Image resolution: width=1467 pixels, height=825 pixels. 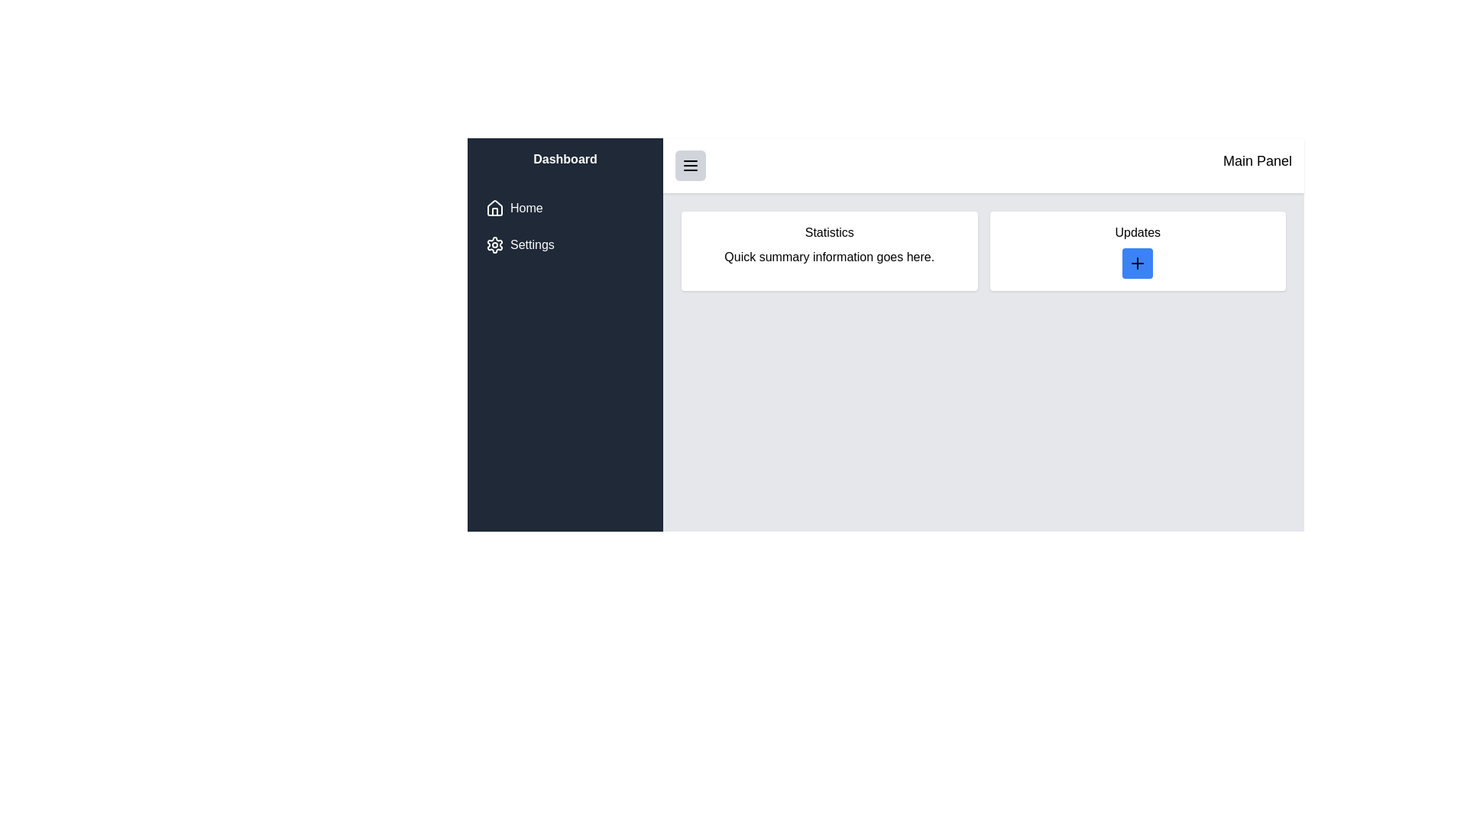 What do you see at coordinates (828, 250) in the screenshot?
I see `the Informational card located in the top-right area of the interface, which is the left card of the layout adjacent to the 'Updates' card` at bounding box center [828, 250].